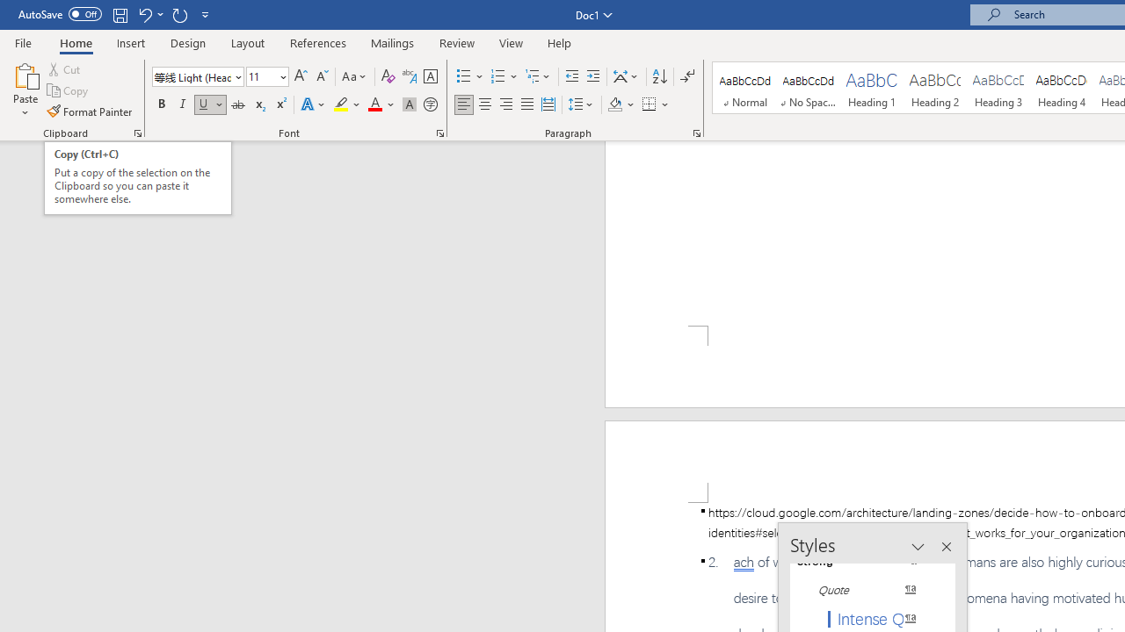 The image size is (1125, 632). What do you see at coordinates (374, 104) in the screenshot?
I see `'Font Color Automatic'` at bounding box center [374, 104].